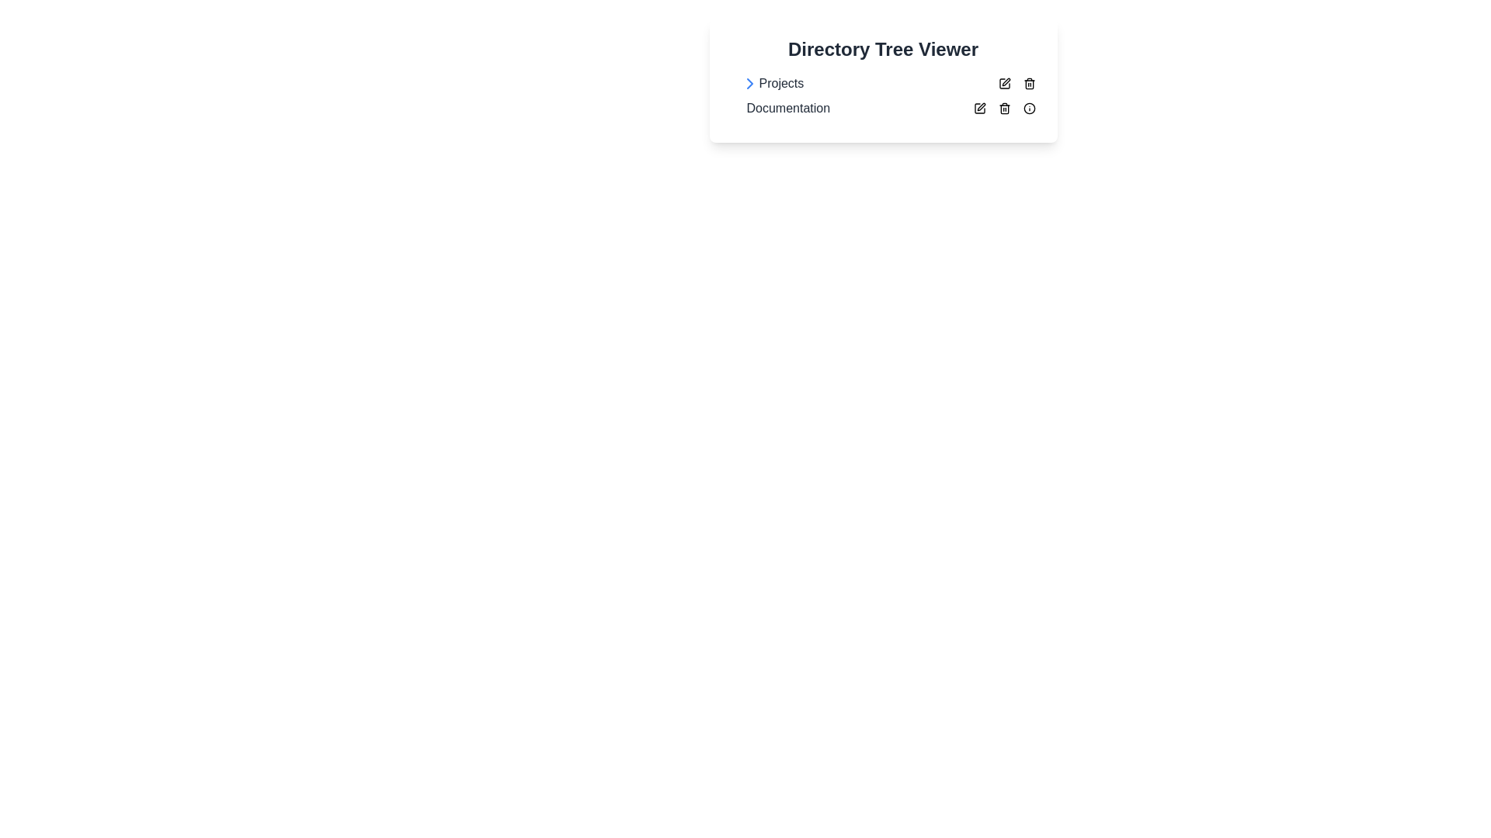 The image size is (1491, 838). What do you see at coordinates (1006, 81) in the screenshot?
I see `the stylized pen icon located in the upper right corner of the 'Directory Tree Viewer' application card` at bounding box center [1006, 81].